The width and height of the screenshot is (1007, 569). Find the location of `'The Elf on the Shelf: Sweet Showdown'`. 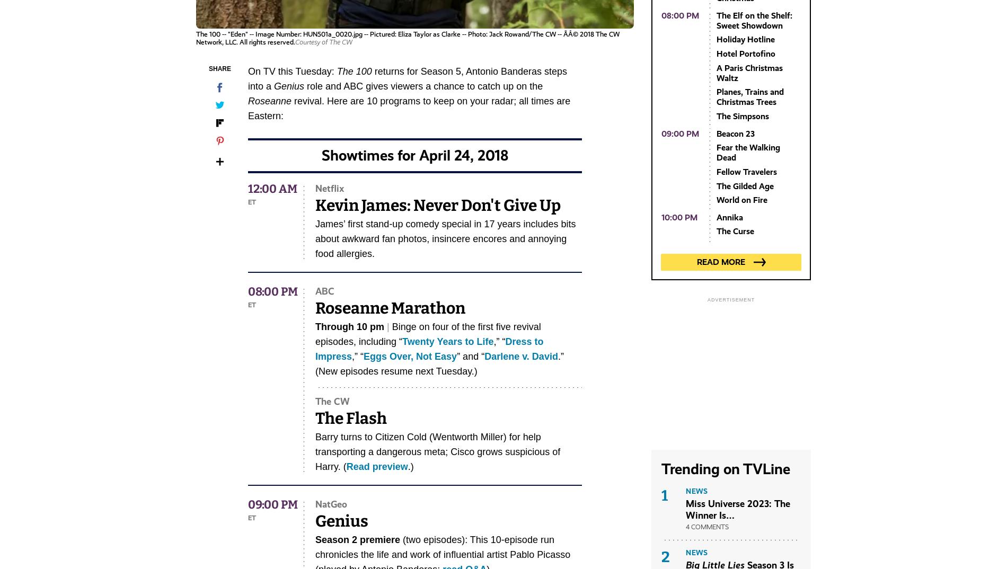

'The Elf on the Shelf: Sweet Showdown' is located at coordinates (715, 20).